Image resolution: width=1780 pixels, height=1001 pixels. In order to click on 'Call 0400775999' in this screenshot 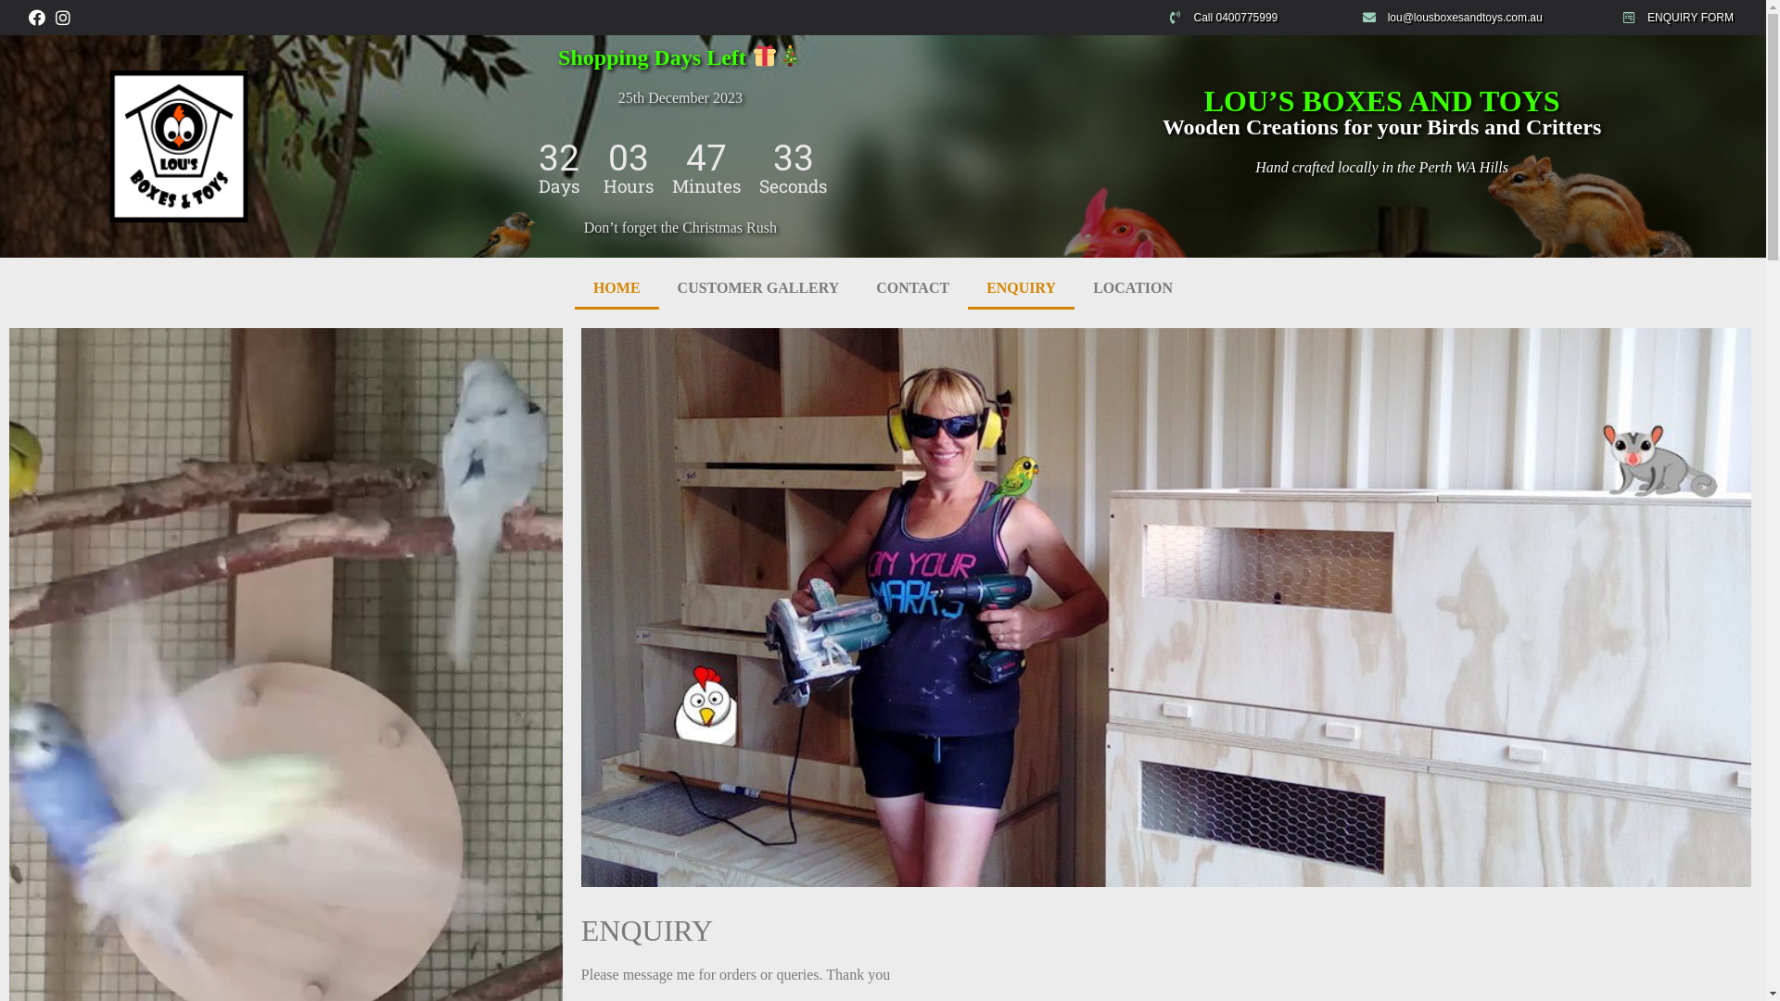, I will do `click(1254, 18)`.